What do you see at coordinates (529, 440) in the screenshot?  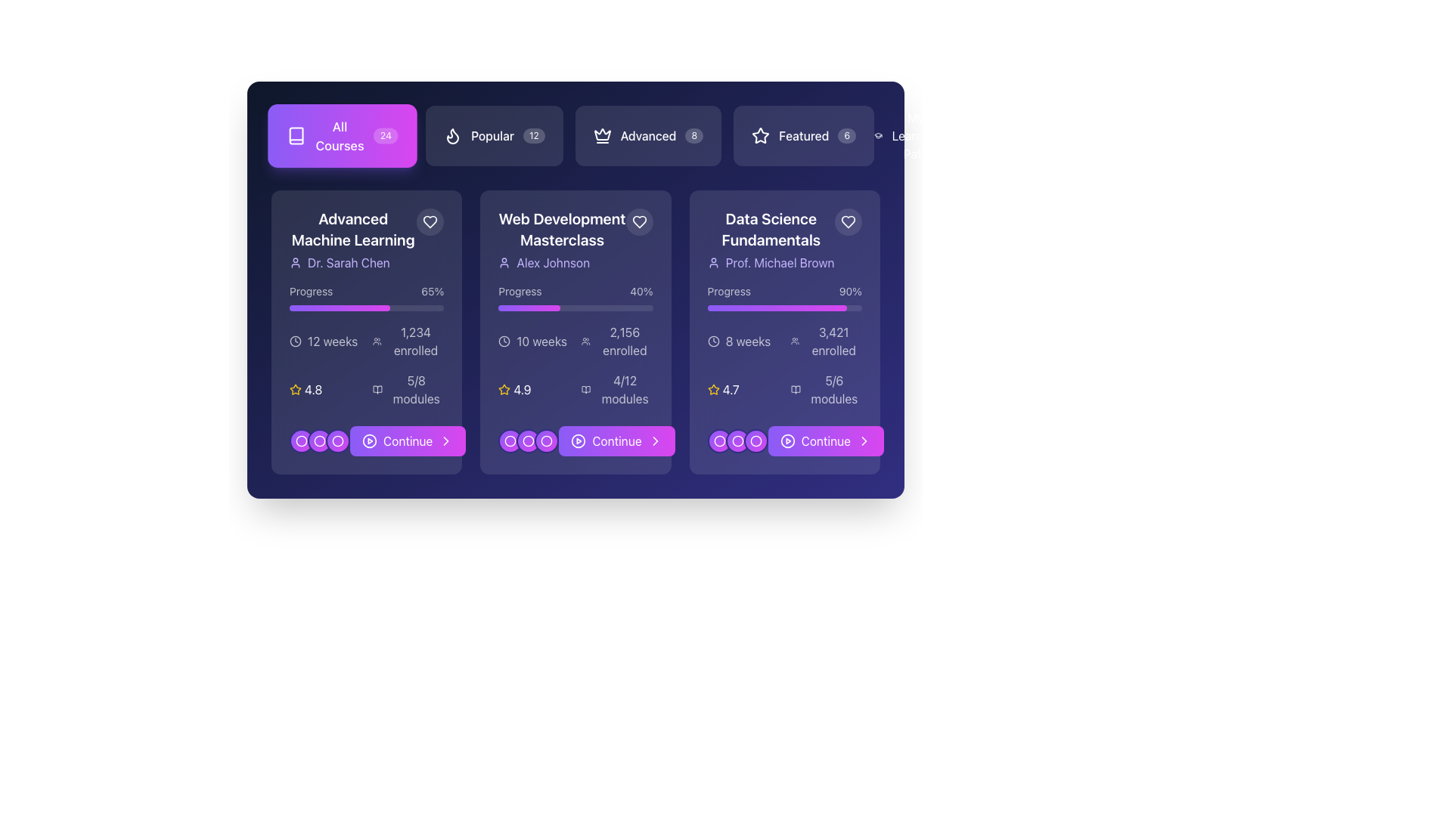 I see `the second circular icon in the middle row of icons below the 'Web Development Masterclass' card` at bounding box center [529, 440].